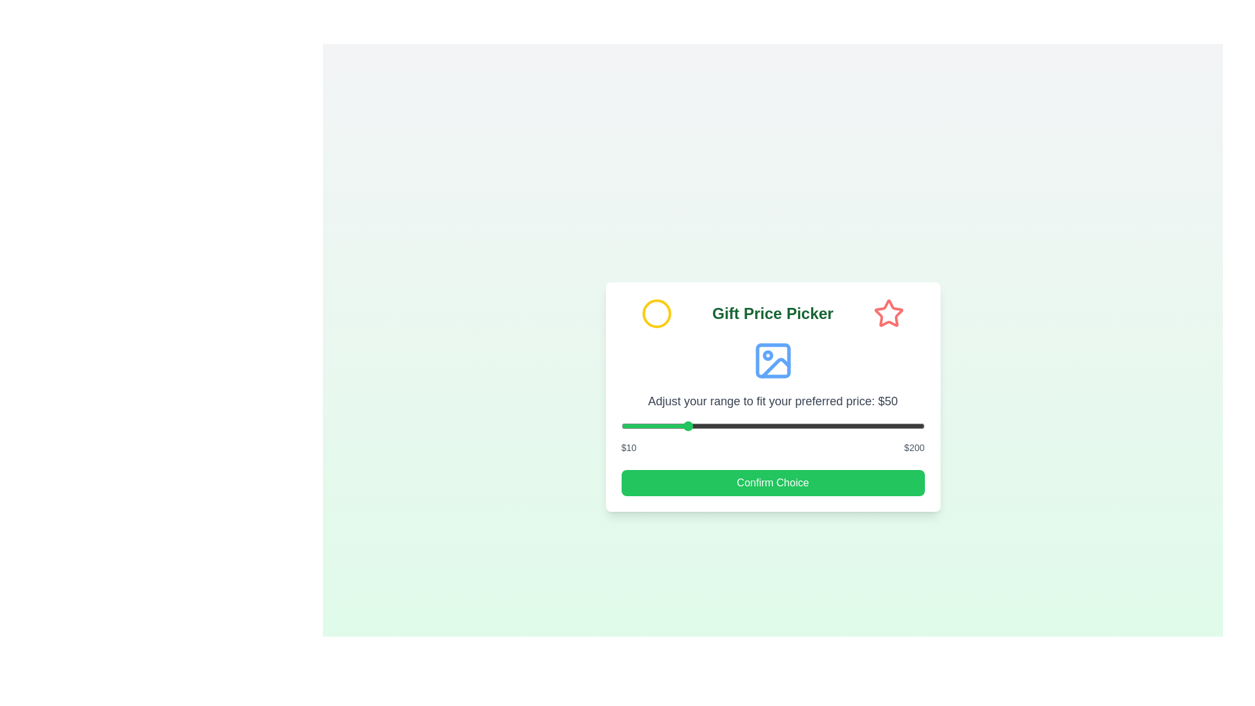 Image resolution: width=1255 pixels, height=706 pixels. What do you see at coordinates (743, 426) in the screenshot?
I see `the price range slider to 86 dollars` at bounding box center [743, 426].